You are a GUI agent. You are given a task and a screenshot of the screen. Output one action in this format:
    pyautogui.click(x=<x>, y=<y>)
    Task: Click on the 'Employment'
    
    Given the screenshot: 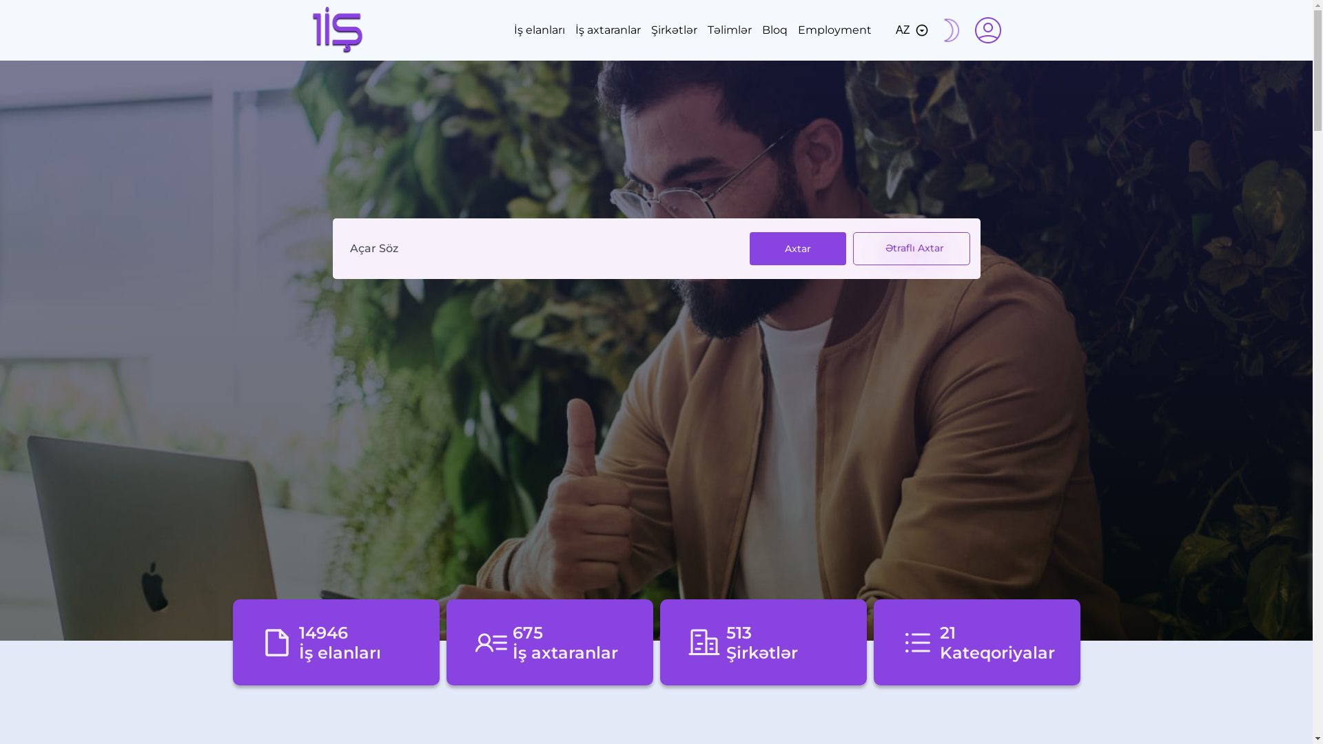 What is the action you would take?
    pyautogui.click(x=834, y=30)
    